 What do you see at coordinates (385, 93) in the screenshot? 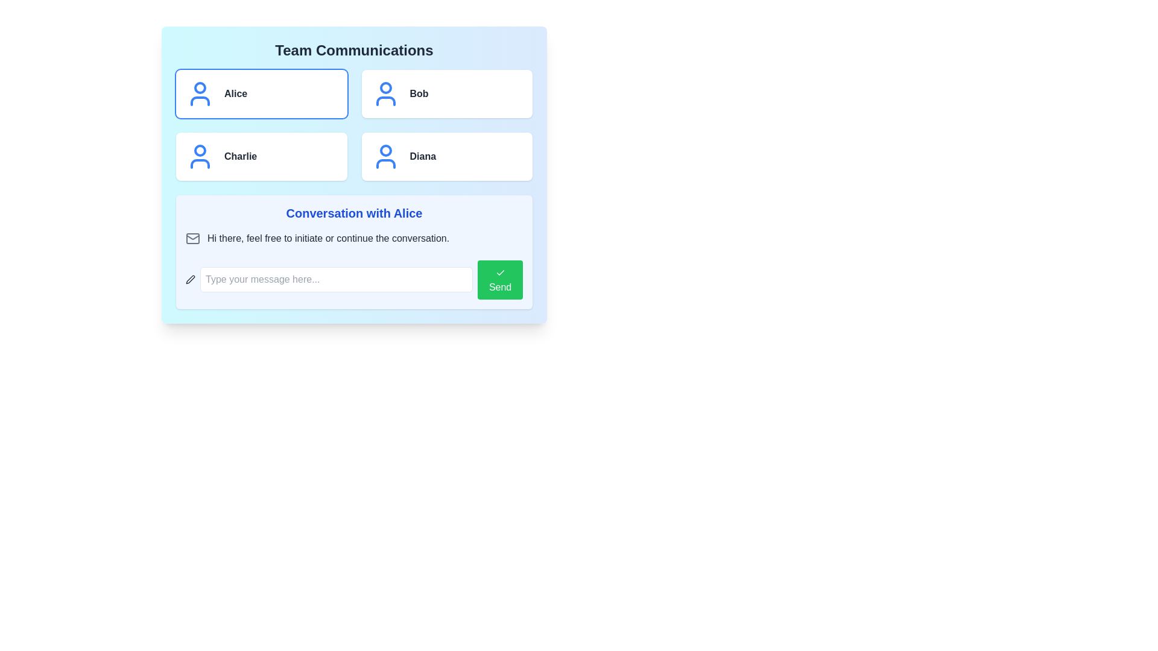
I see `the user icon, which is styled in blue and represents a person` at bounding box center [385, 93].